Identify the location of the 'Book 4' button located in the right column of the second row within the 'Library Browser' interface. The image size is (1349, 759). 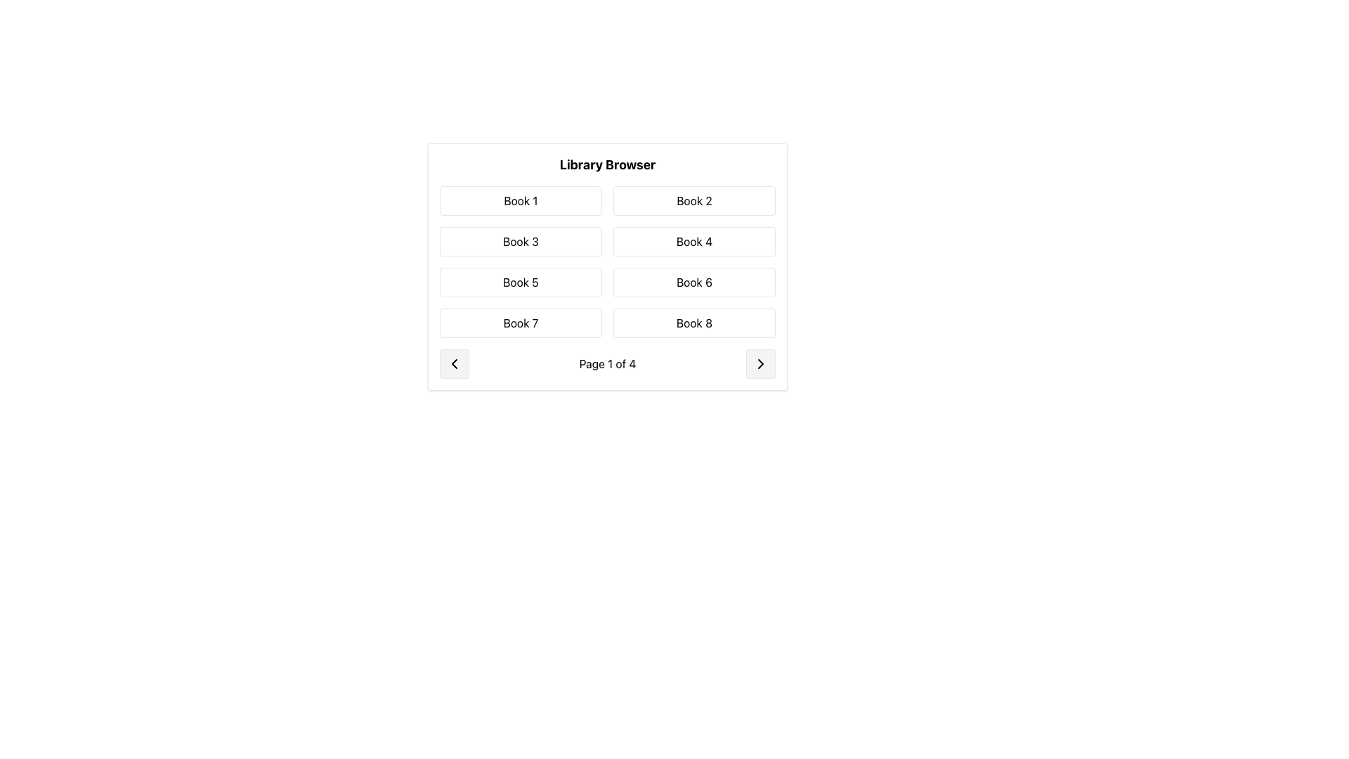
(694, 240).